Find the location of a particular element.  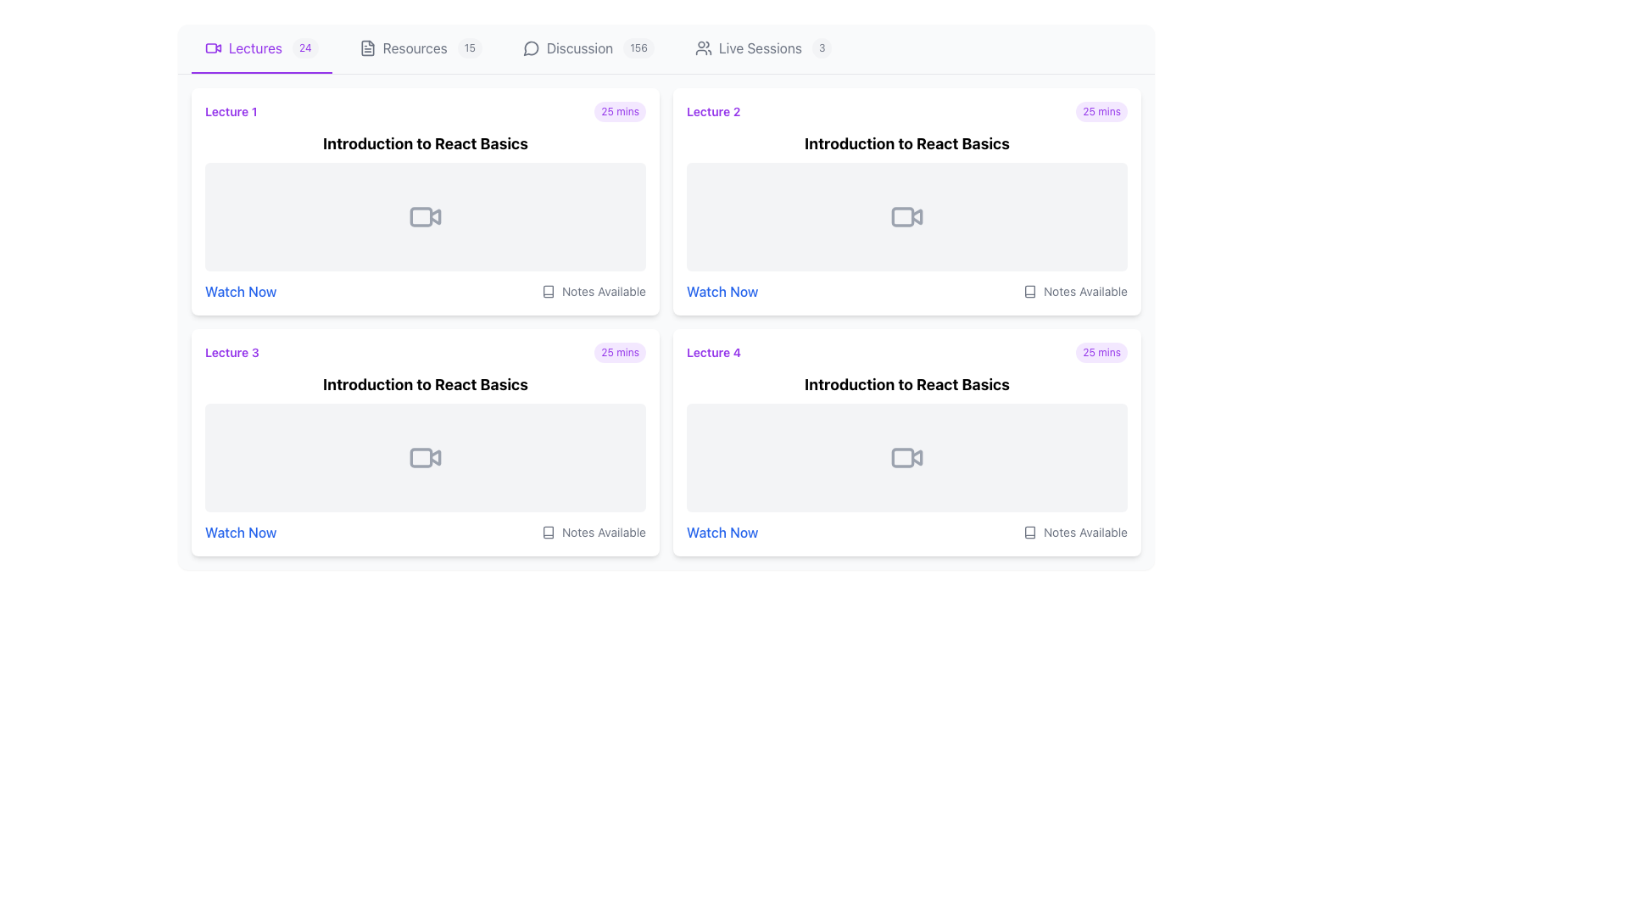

the book-related feature icon located in the bottom-left quadrant of its containing area is located at coordinates (549, 532).